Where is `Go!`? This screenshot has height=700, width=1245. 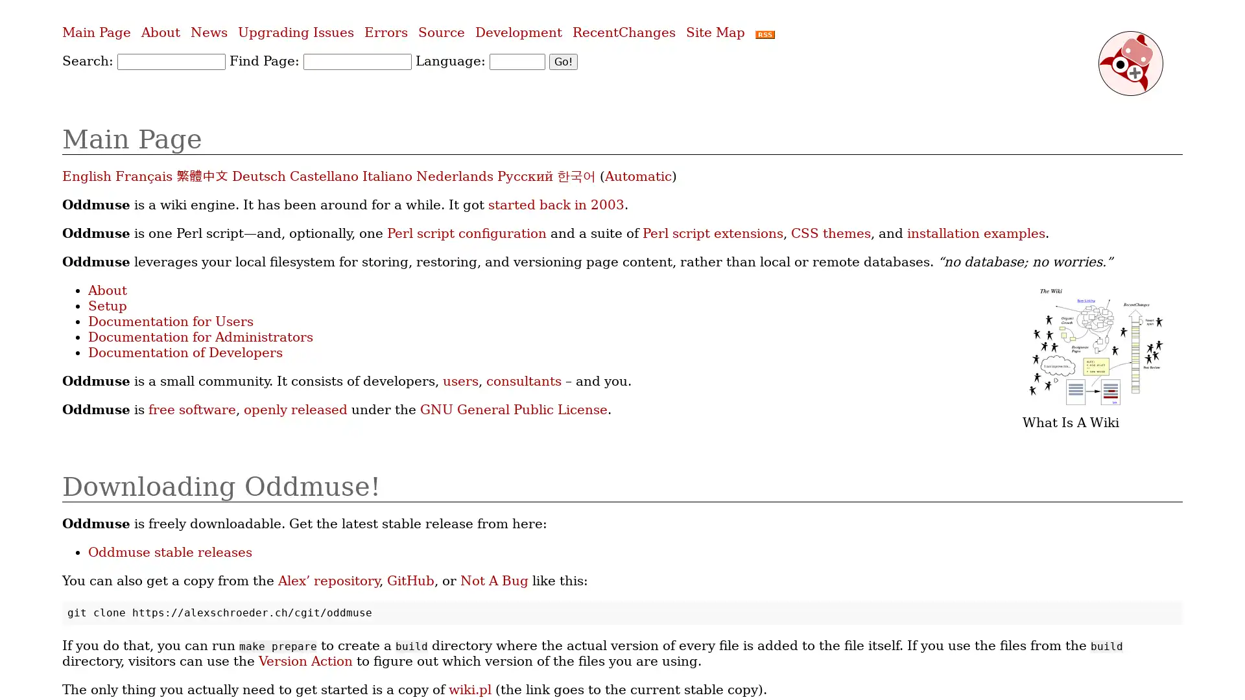 Go! is located at coordinates (563, 62).